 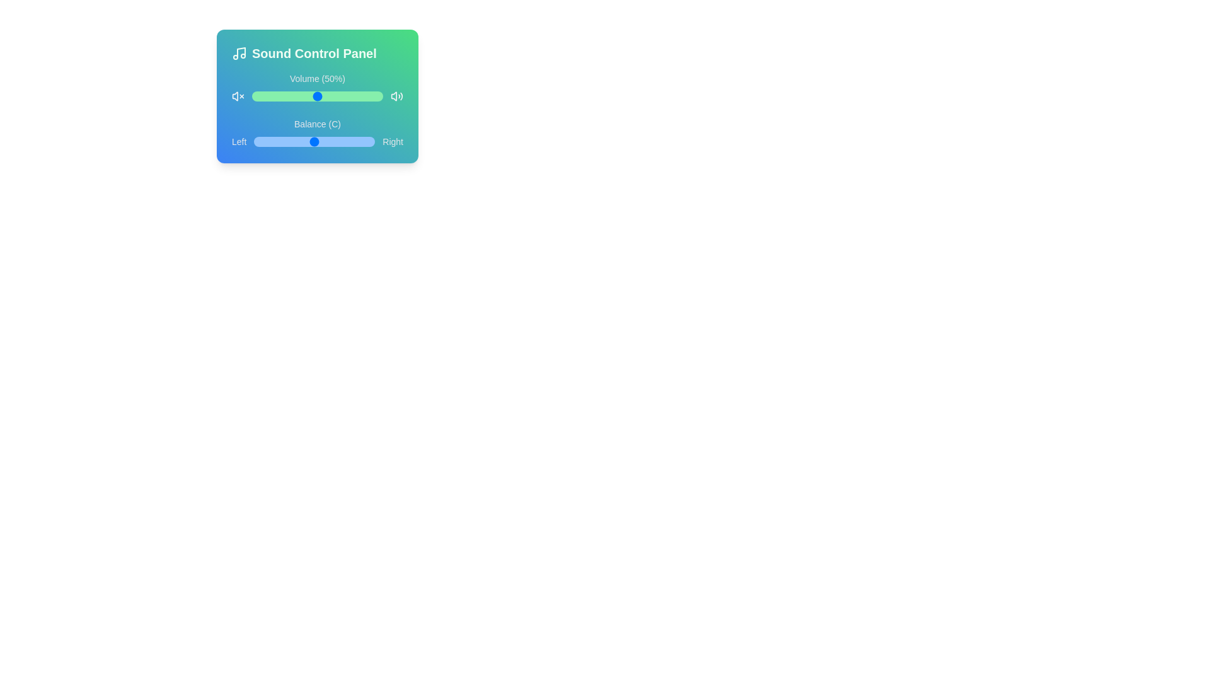 I want to click on the volume level, so click(x=311, y=96).